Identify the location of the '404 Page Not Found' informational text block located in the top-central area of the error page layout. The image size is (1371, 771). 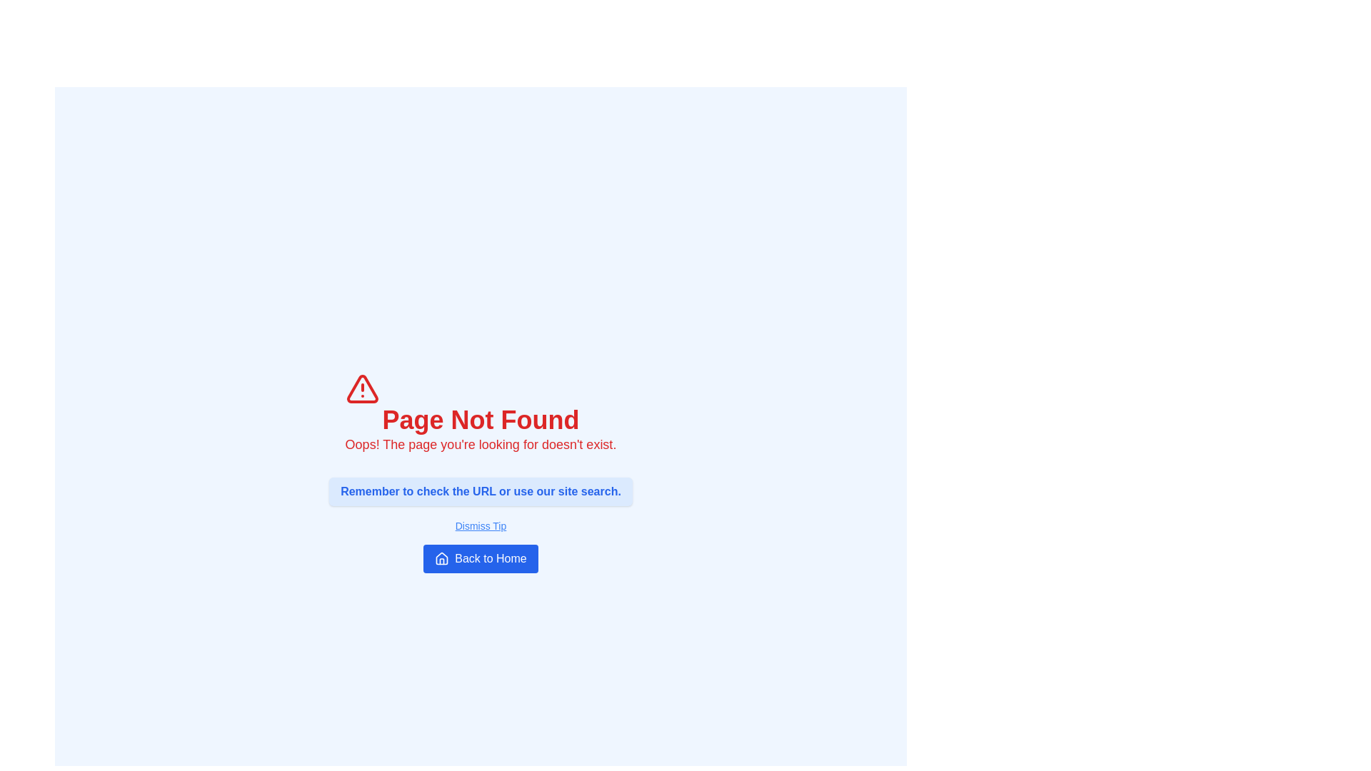
(481, 413).